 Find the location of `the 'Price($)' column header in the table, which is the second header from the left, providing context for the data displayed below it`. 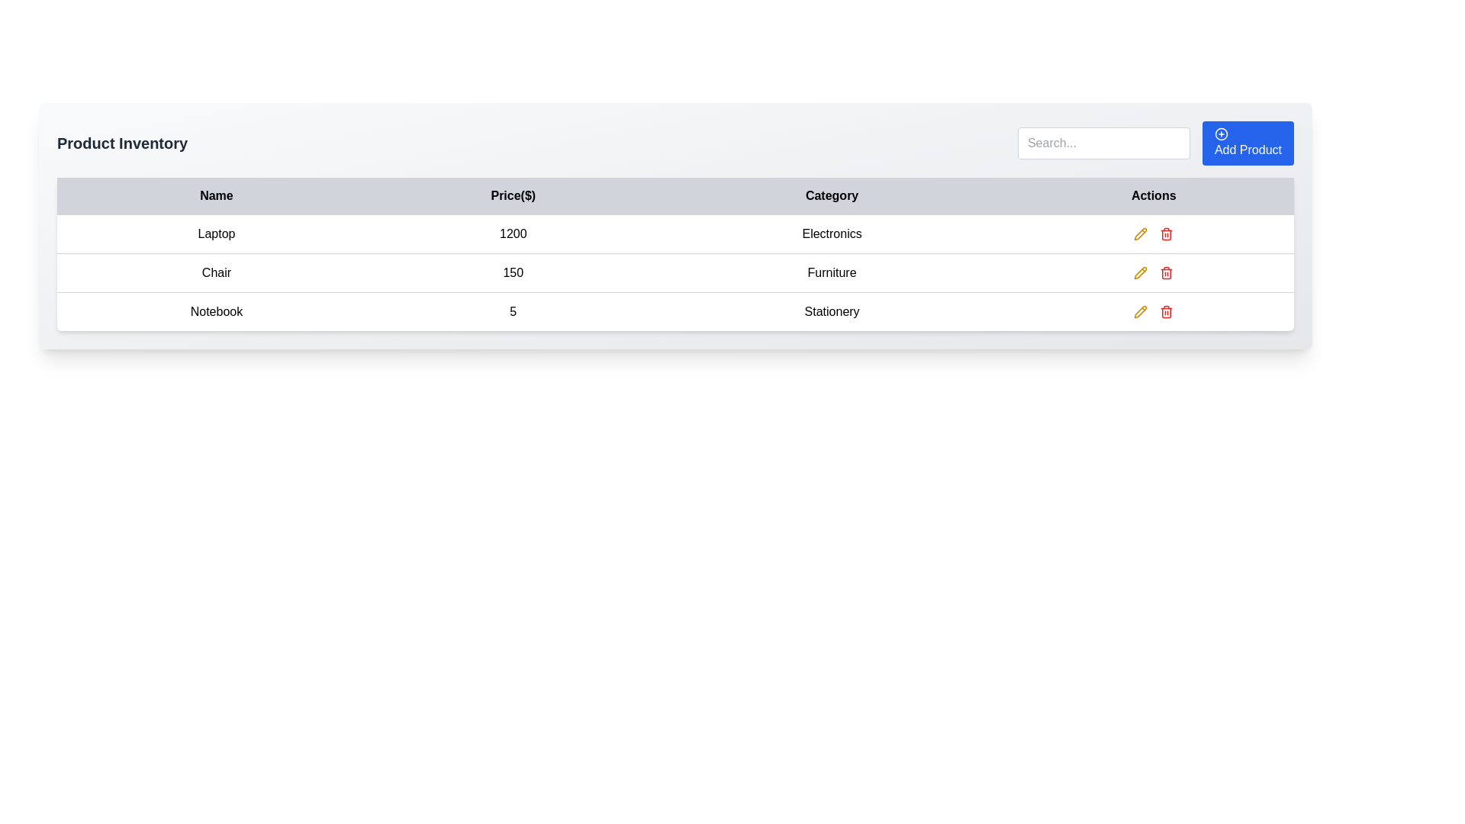

the 'Price($)' column header in the table, which is the second header from the left, providing context for the data displayed below it is located at coordinates (513, 195).